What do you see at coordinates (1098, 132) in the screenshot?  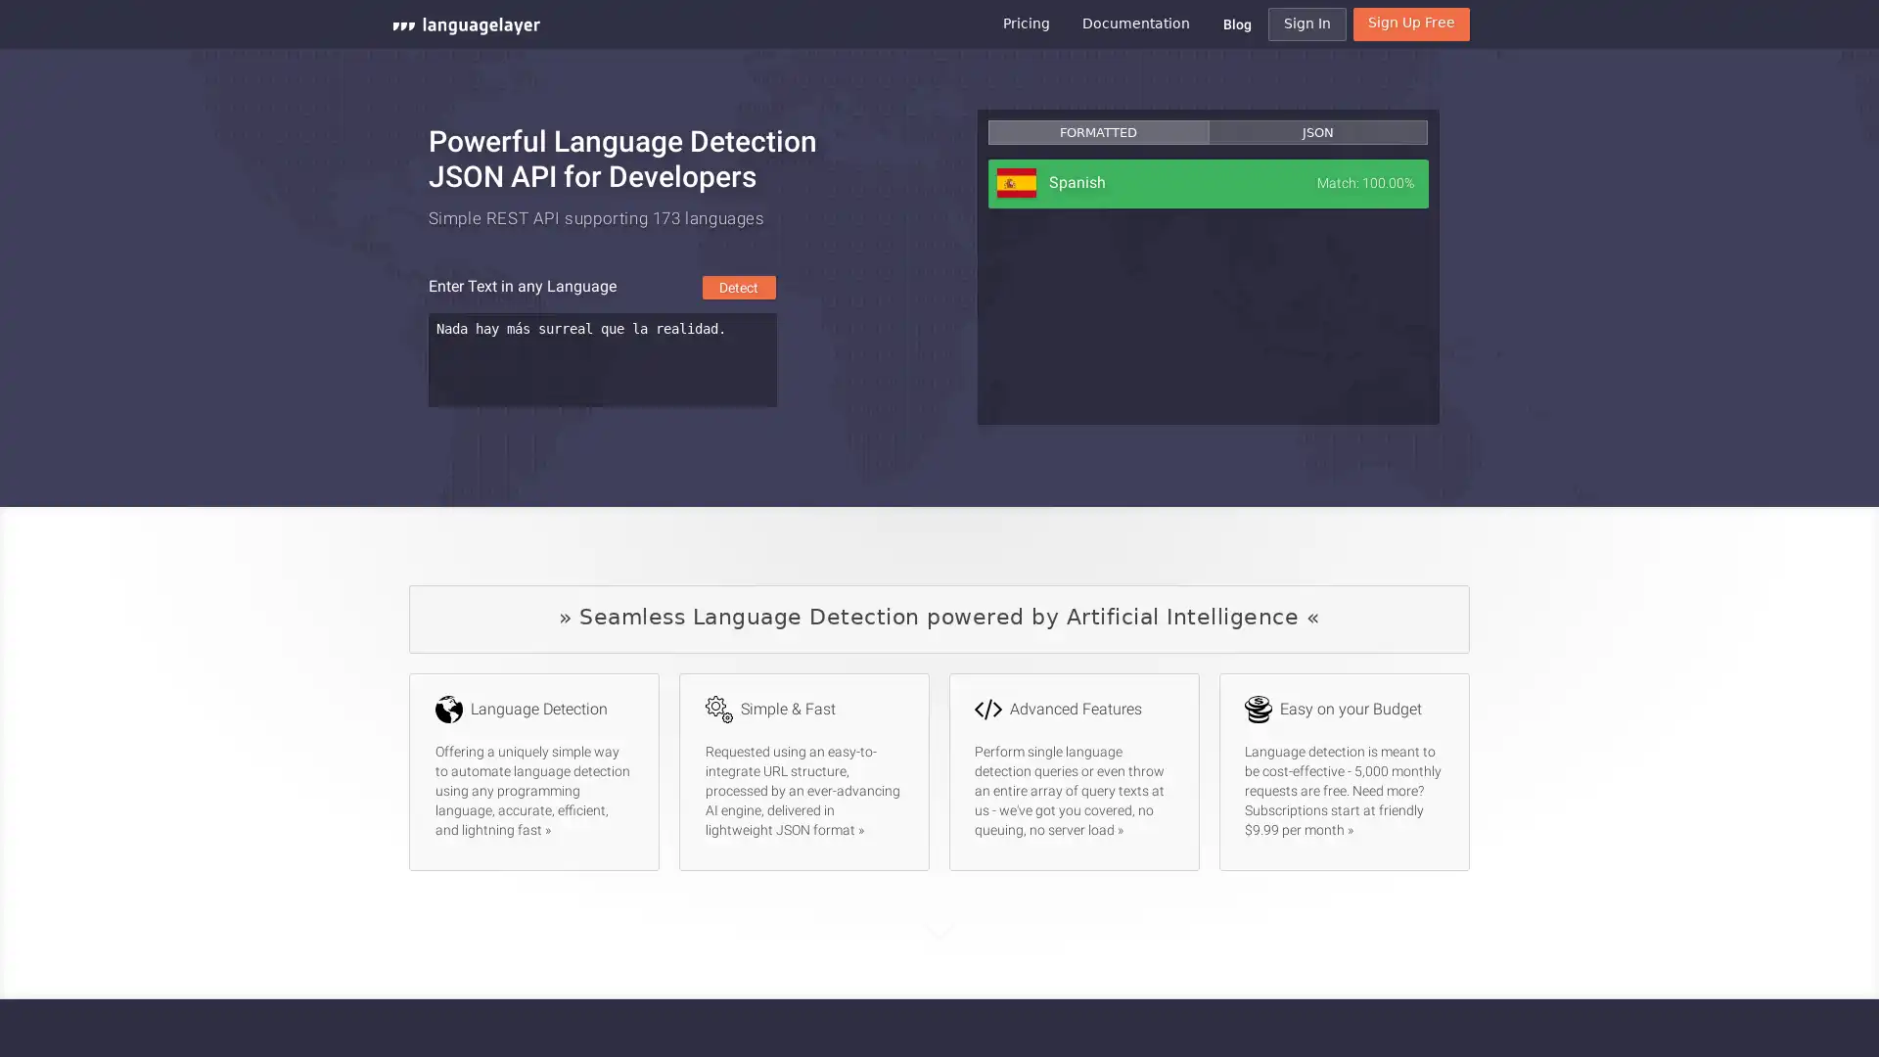 I see `FORMATTED` at bounding box center [1098, 132].